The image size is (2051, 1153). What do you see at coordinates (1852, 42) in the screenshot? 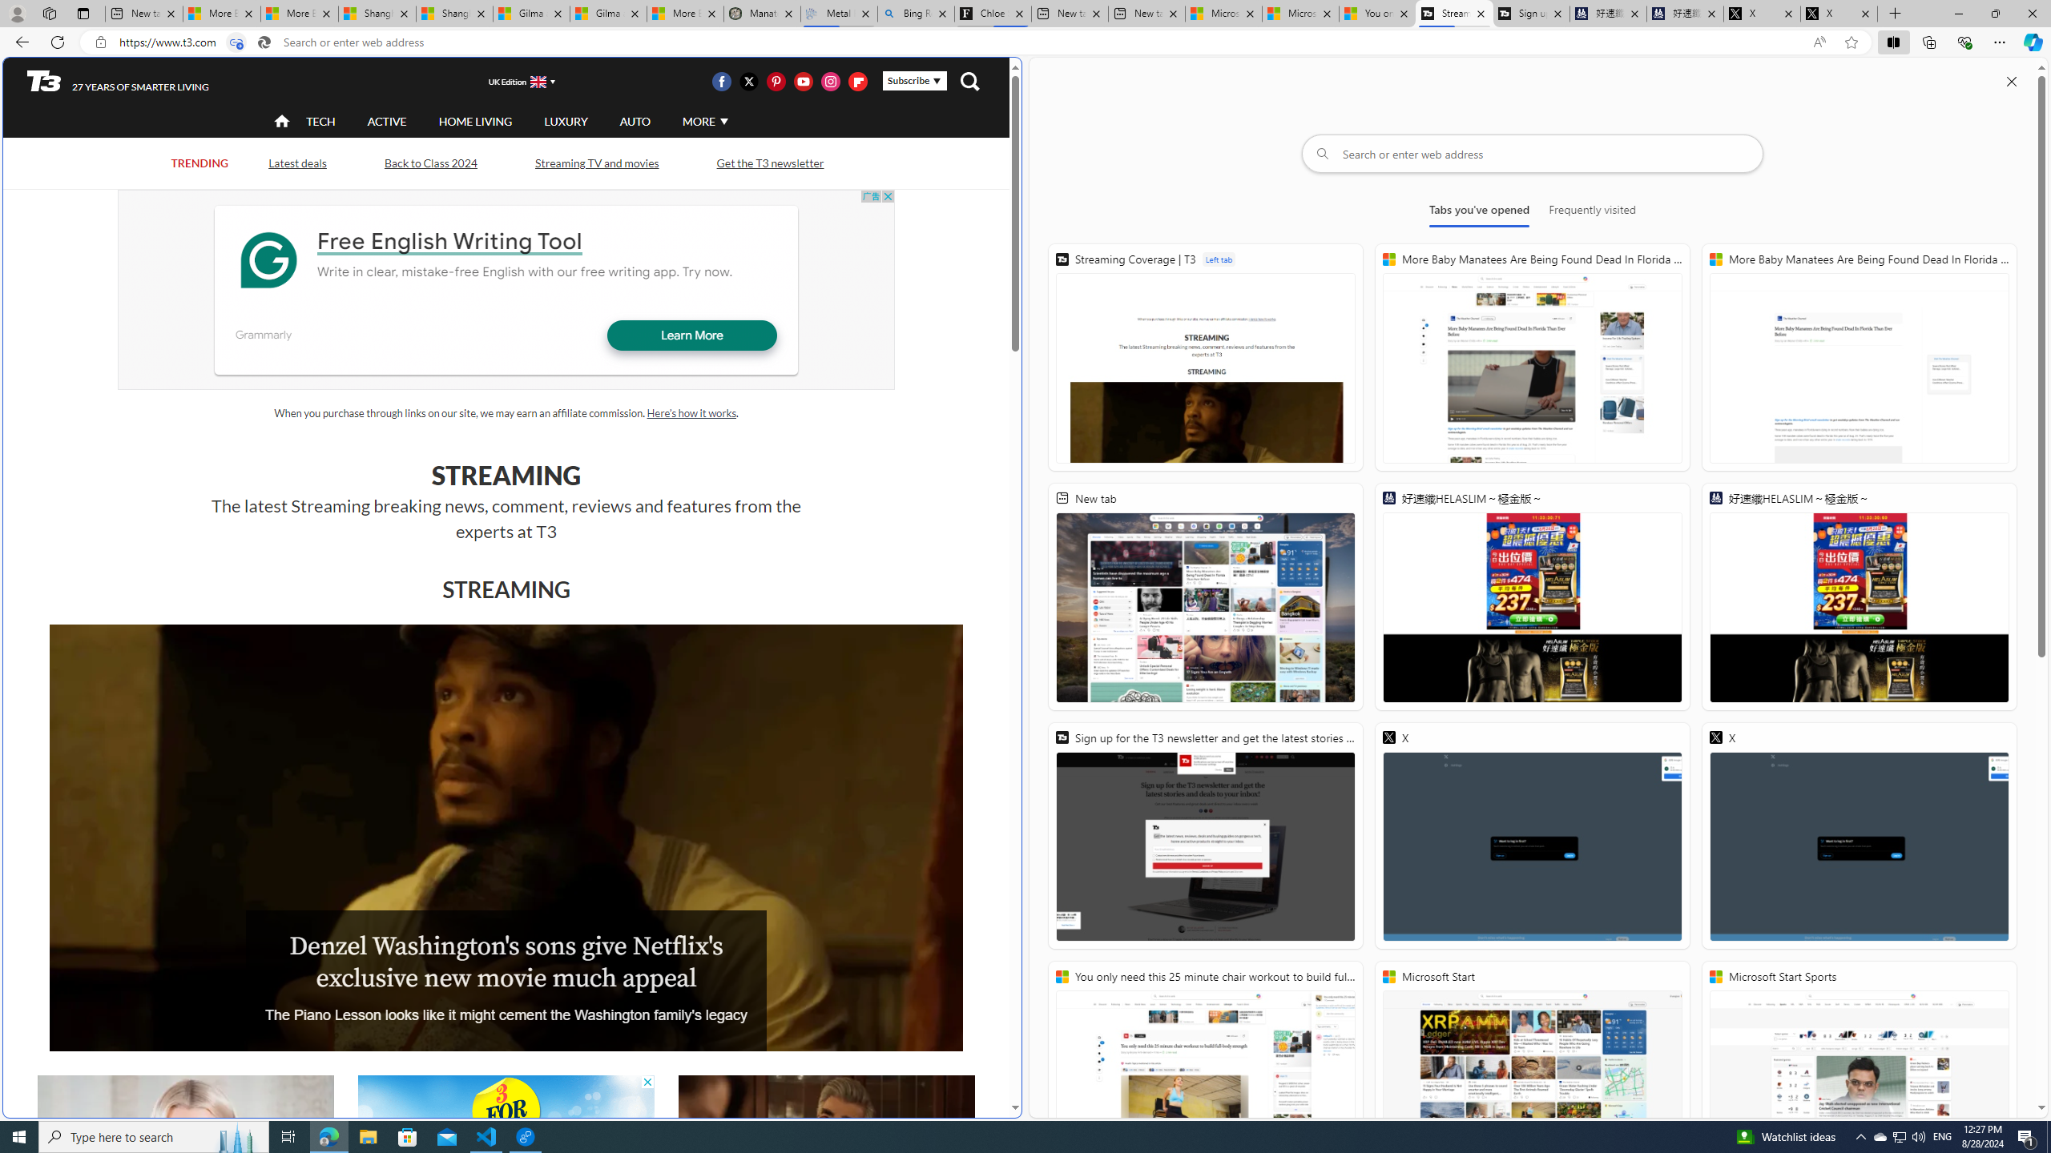
I see `'Add this page to favorites (Ctrl+D)'` at bounding box center [1852, 42].